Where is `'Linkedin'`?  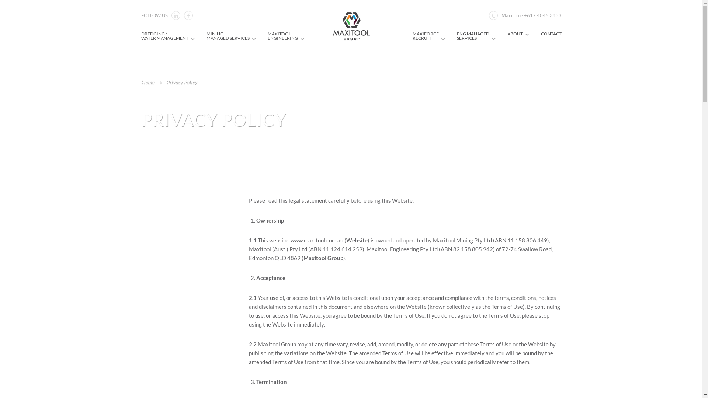
'Linkedin' is located at coordinates (175, 15).